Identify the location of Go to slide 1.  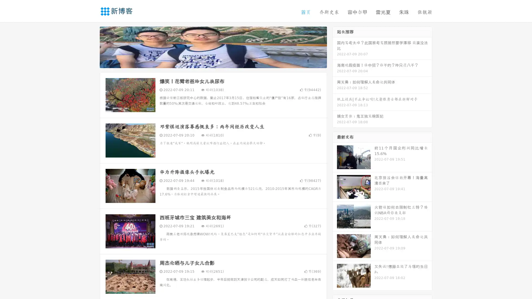
(207, 62).